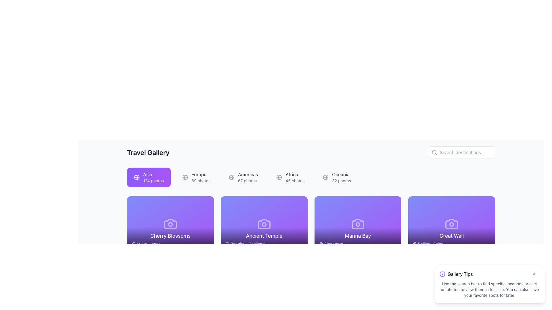  I want to click on the camera icon with a white outline on a purple gradient background, located at the center of the card labeled 'Great Wall' on the far right of the second row in the gallery grid, so click(451, 223).